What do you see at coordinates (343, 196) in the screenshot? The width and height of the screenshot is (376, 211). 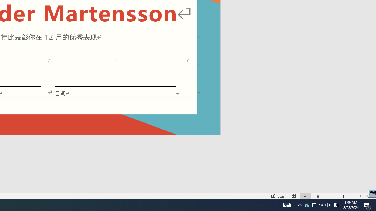 I see `'Zoom'` at bounding box center [343, 196].